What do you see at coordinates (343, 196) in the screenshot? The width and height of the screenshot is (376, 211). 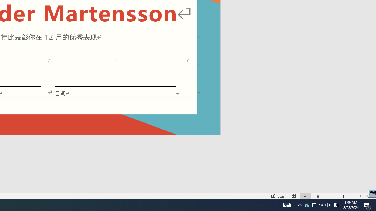 I see `'Zoom'` at bounding box center [343, 196].